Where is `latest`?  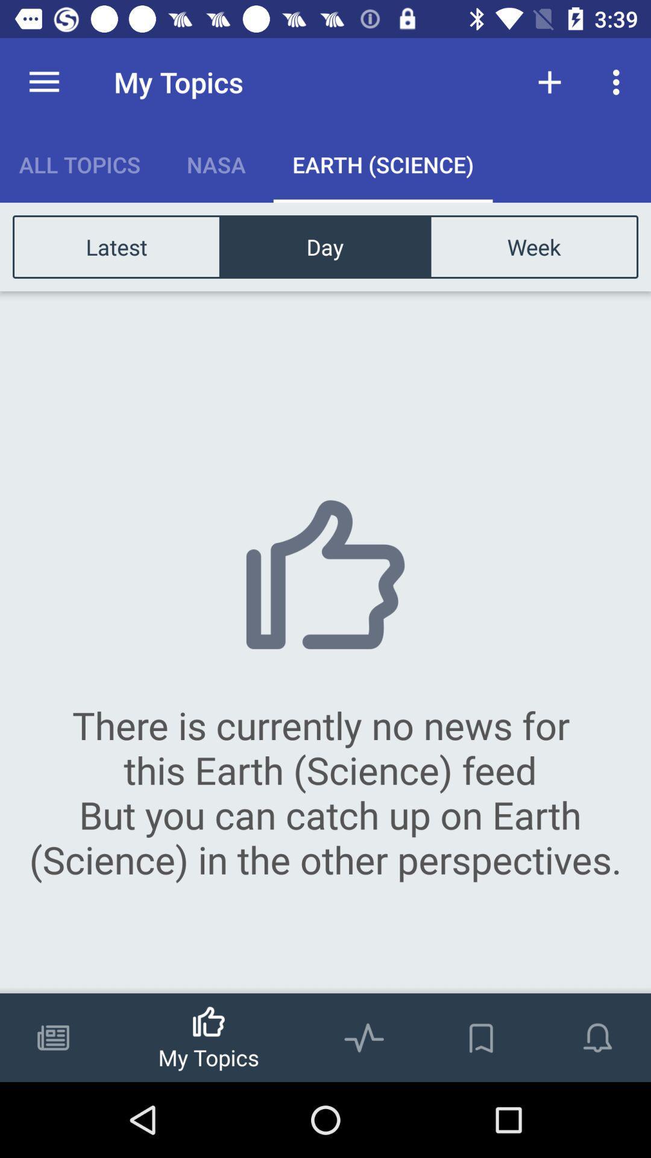 latest is located at coordinates (116, 246).